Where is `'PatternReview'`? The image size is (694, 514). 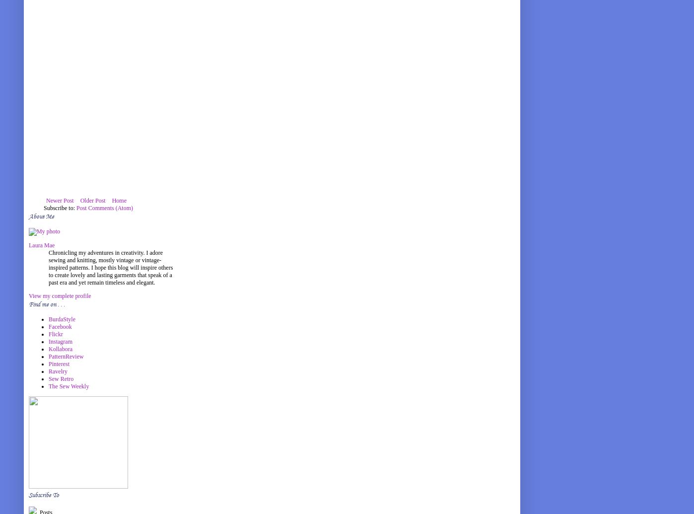
'PatternReview' is located at coordinates (66, 356).